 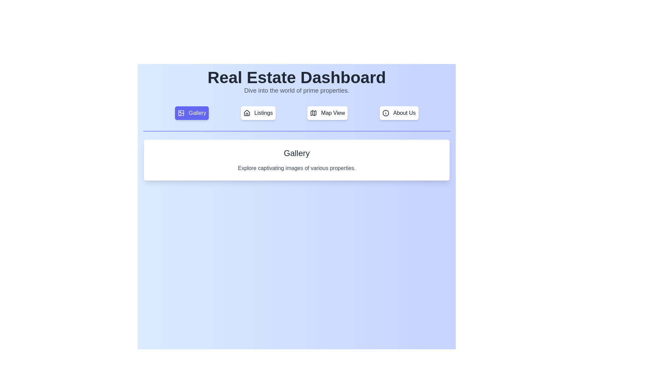 I want to click on the tab labeled Gallery, so click(x=191, y=112).